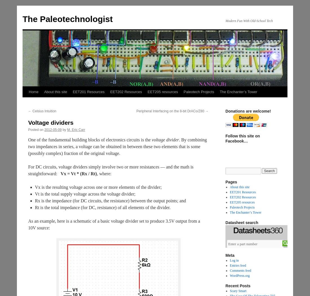  What do you see at coordinates (240, 270) in the screenshot?
I see `'Comments feed'` at bounding box center [240, 270].